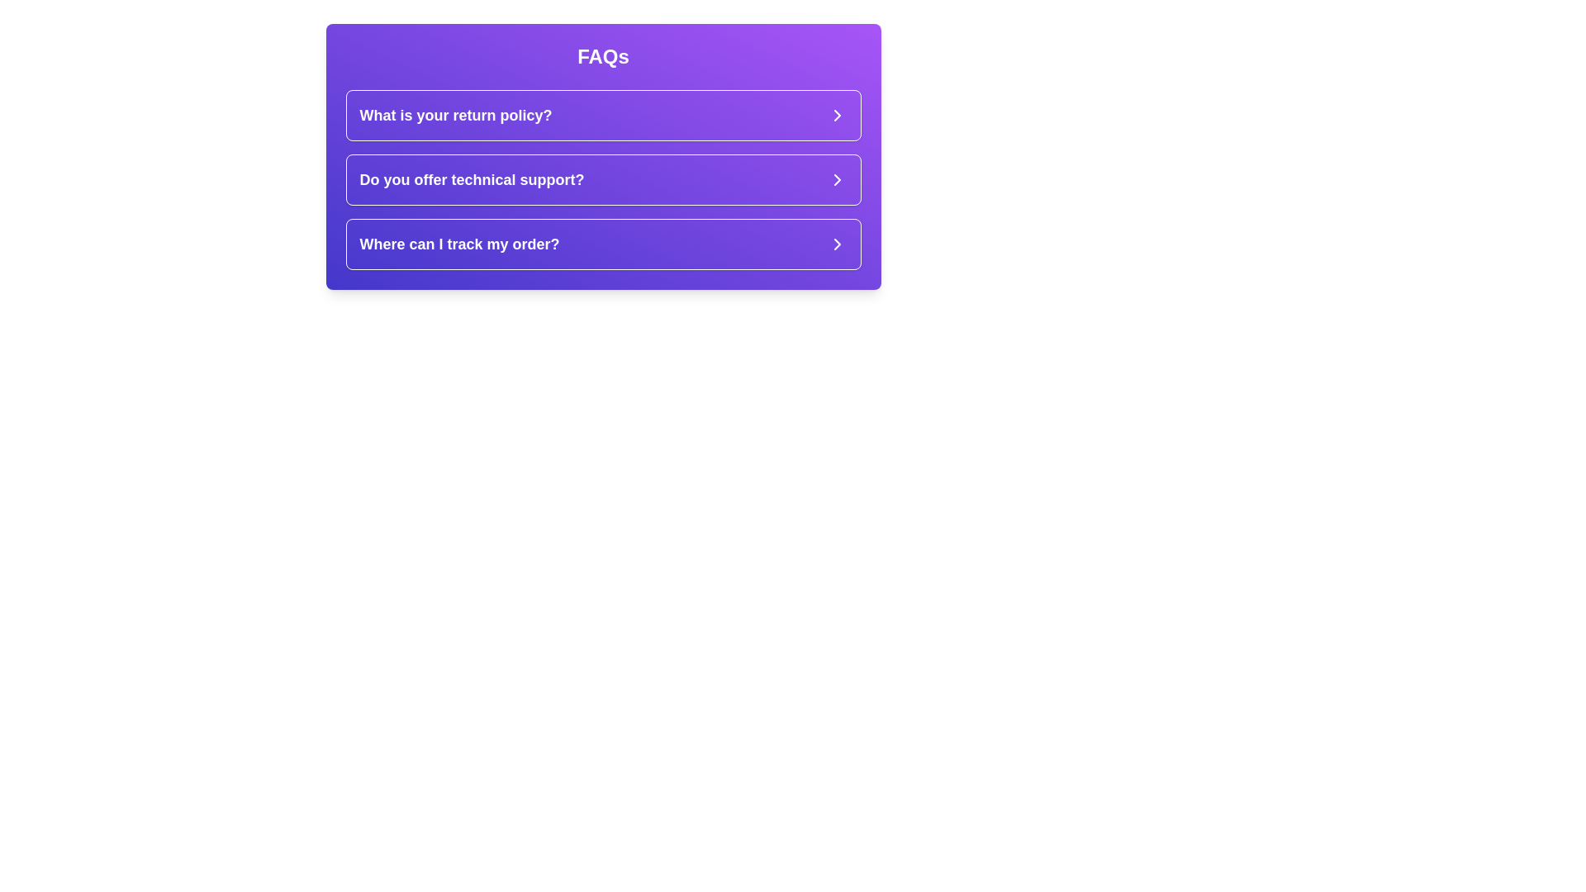 Image resolution: width=1586 pixels, height=892 pixels. Describe the element at coordinates (837, 244) in the screenshot. I see `the button located at the far right of the horizontal bar displaying the text 'Where can I track my order?'` at that location.